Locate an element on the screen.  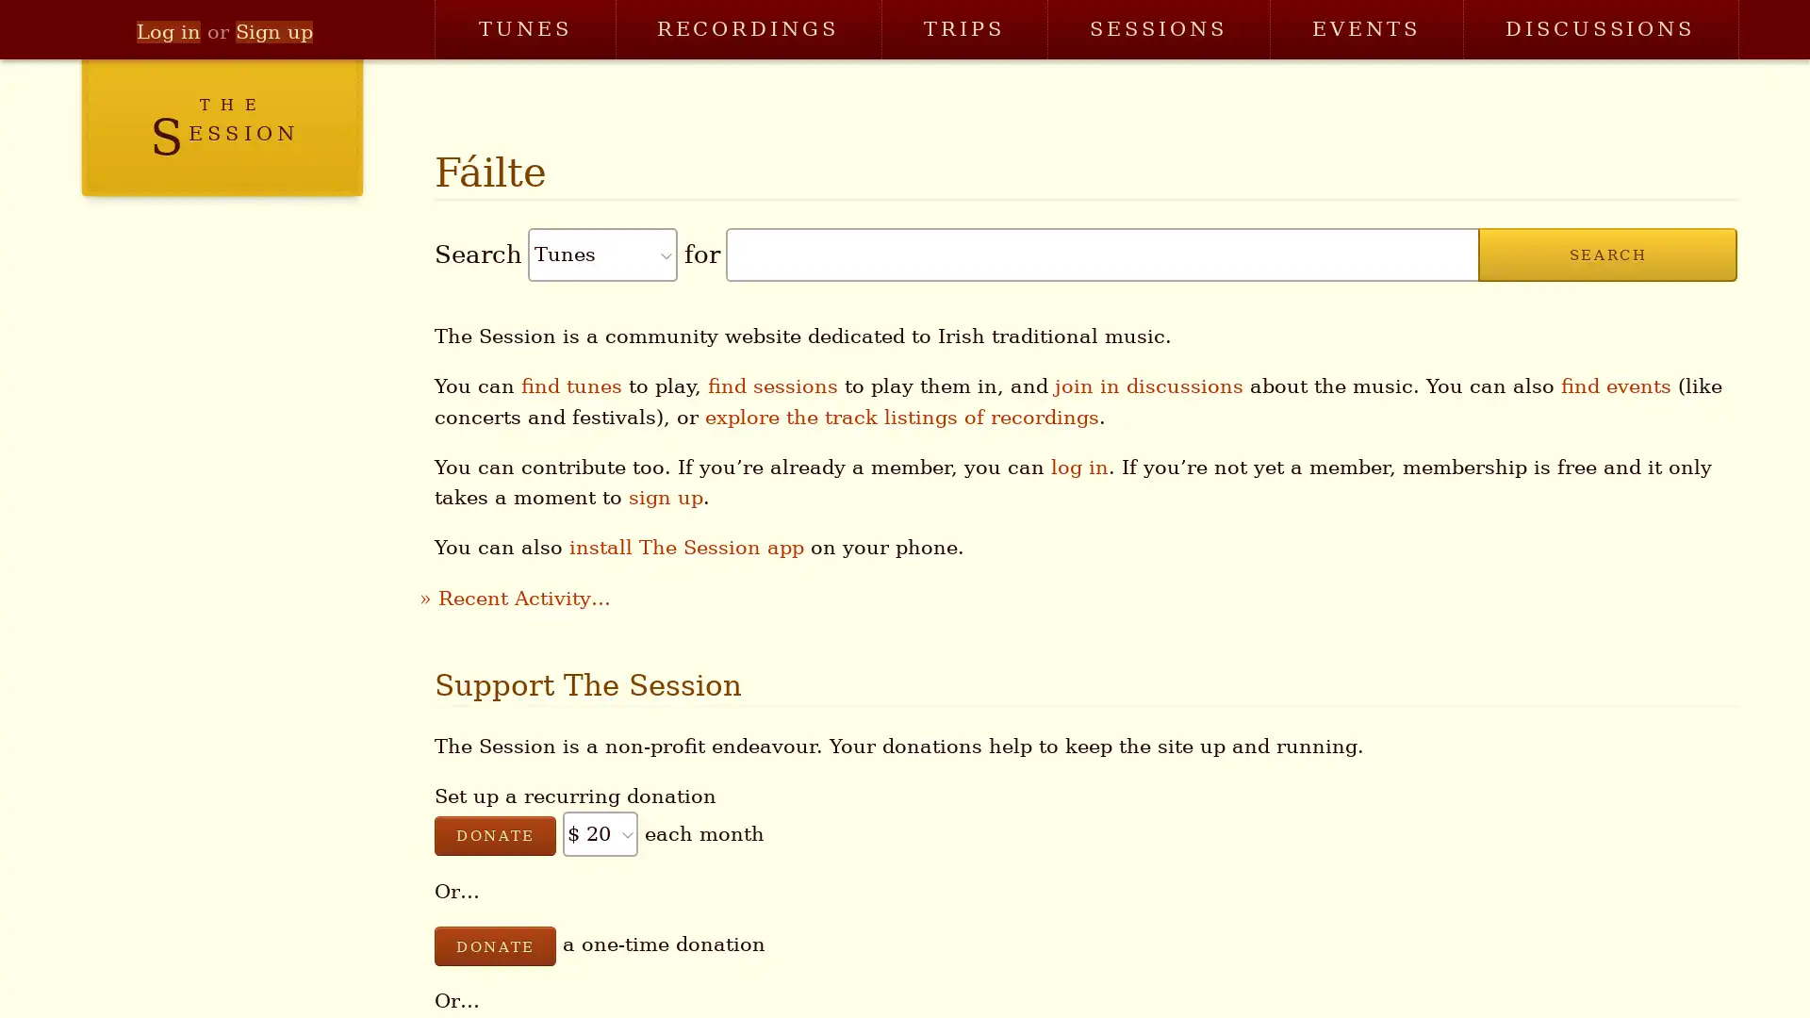
donate is located at coordinates (494, 945).